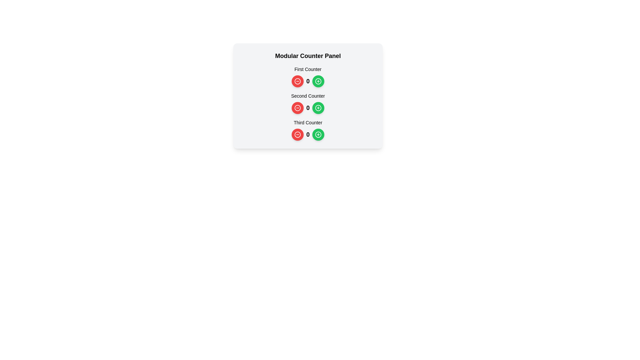 The image size is (640, 360). Describe the element at coordinates (308, 81) in the screenshot. I see `the numeric display '0' in the 'First Counter' section, which is centrally located between the decrement and increment buttons` at that location.